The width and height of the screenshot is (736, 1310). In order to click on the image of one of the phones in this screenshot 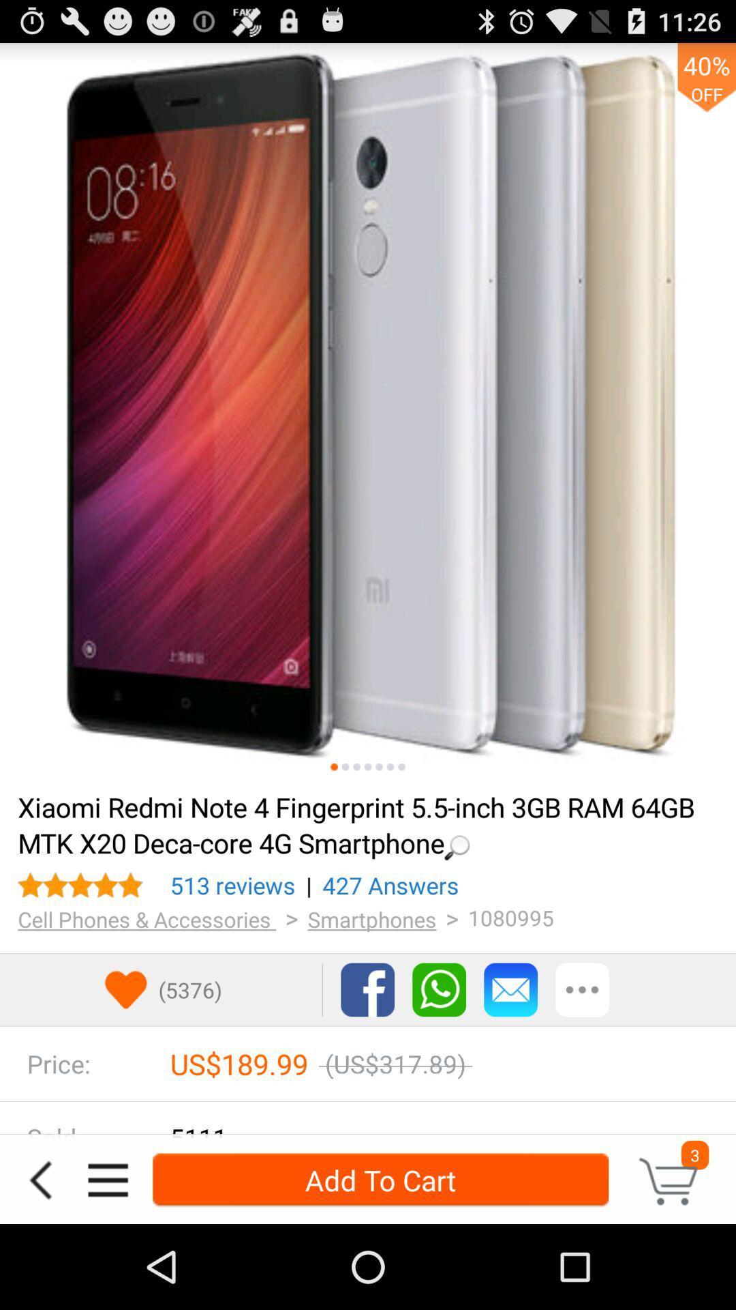, I will do `click(401, 767)`.